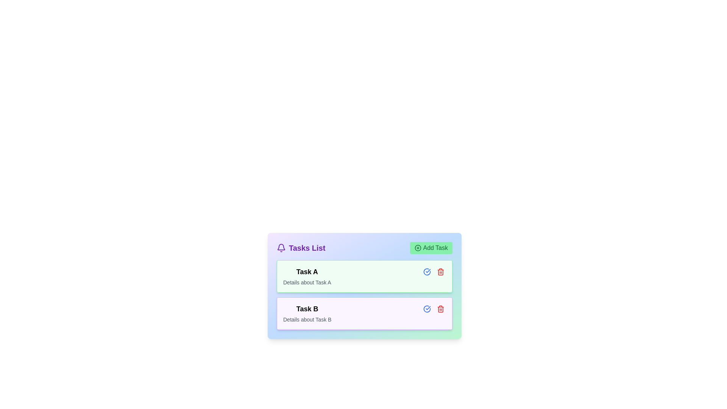 The height and width of the screenshot is (409, 727). Describe the element at coordinates (440, 271) in the screenshot. I see `the trash bin icon button located in the 'Task A' section` at that location.